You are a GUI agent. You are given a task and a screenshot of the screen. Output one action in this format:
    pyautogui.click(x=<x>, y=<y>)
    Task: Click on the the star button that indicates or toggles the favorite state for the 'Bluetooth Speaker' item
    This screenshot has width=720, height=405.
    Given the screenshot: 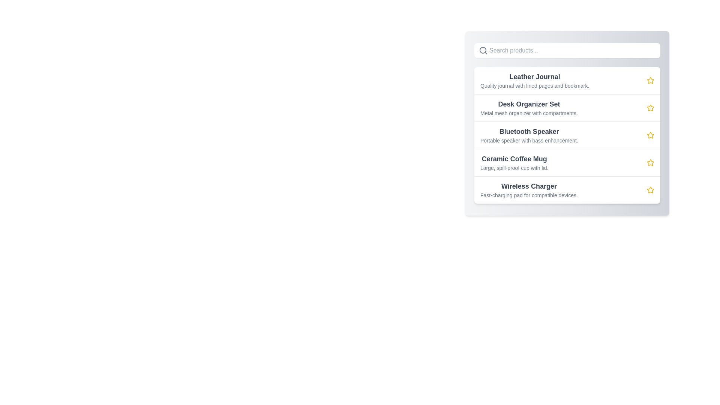 What is the action you would take?
    pyautogui.click(x=650, y=135)
    